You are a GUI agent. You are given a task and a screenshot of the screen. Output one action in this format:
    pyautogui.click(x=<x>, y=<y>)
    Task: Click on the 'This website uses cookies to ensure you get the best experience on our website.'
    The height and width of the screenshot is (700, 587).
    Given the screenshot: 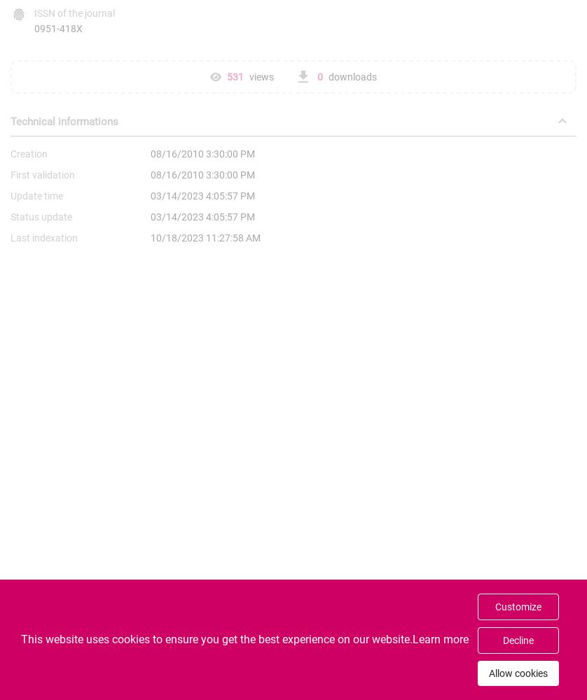 What is the action you would take?
    pyautogui.click(x=216, y=638)
    